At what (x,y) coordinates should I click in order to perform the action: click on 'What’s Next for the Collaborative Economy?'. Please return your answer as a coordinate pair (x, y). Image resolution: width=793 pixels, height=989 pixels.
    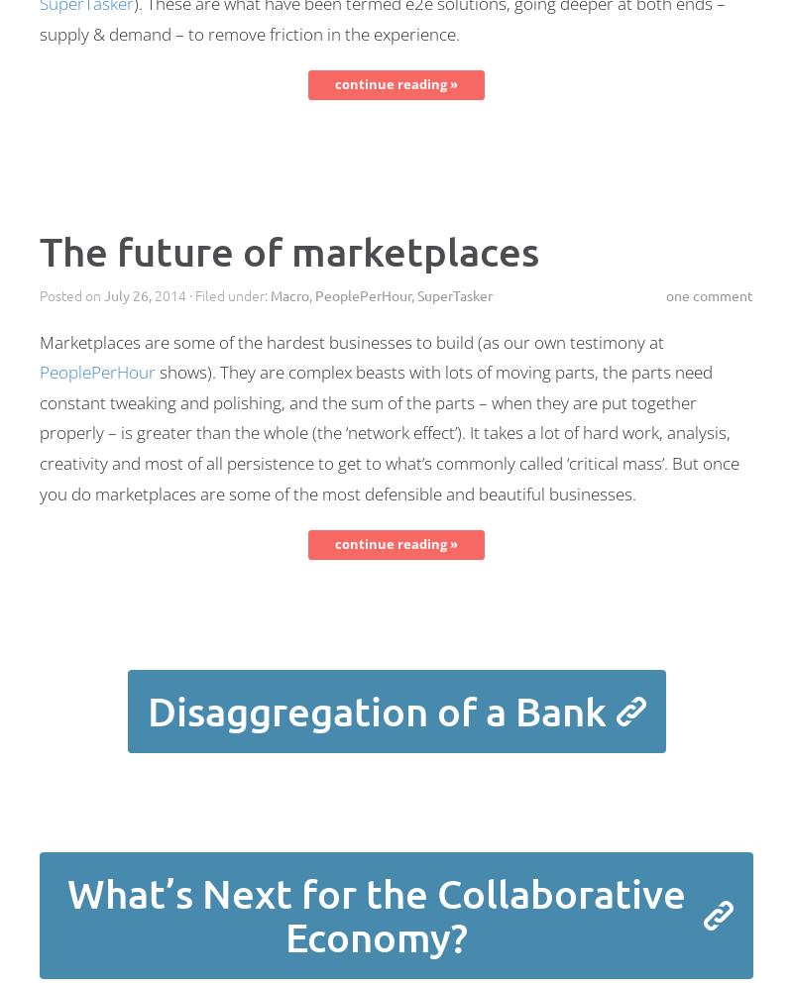
    Looking at the image, I should click on (67, 914).